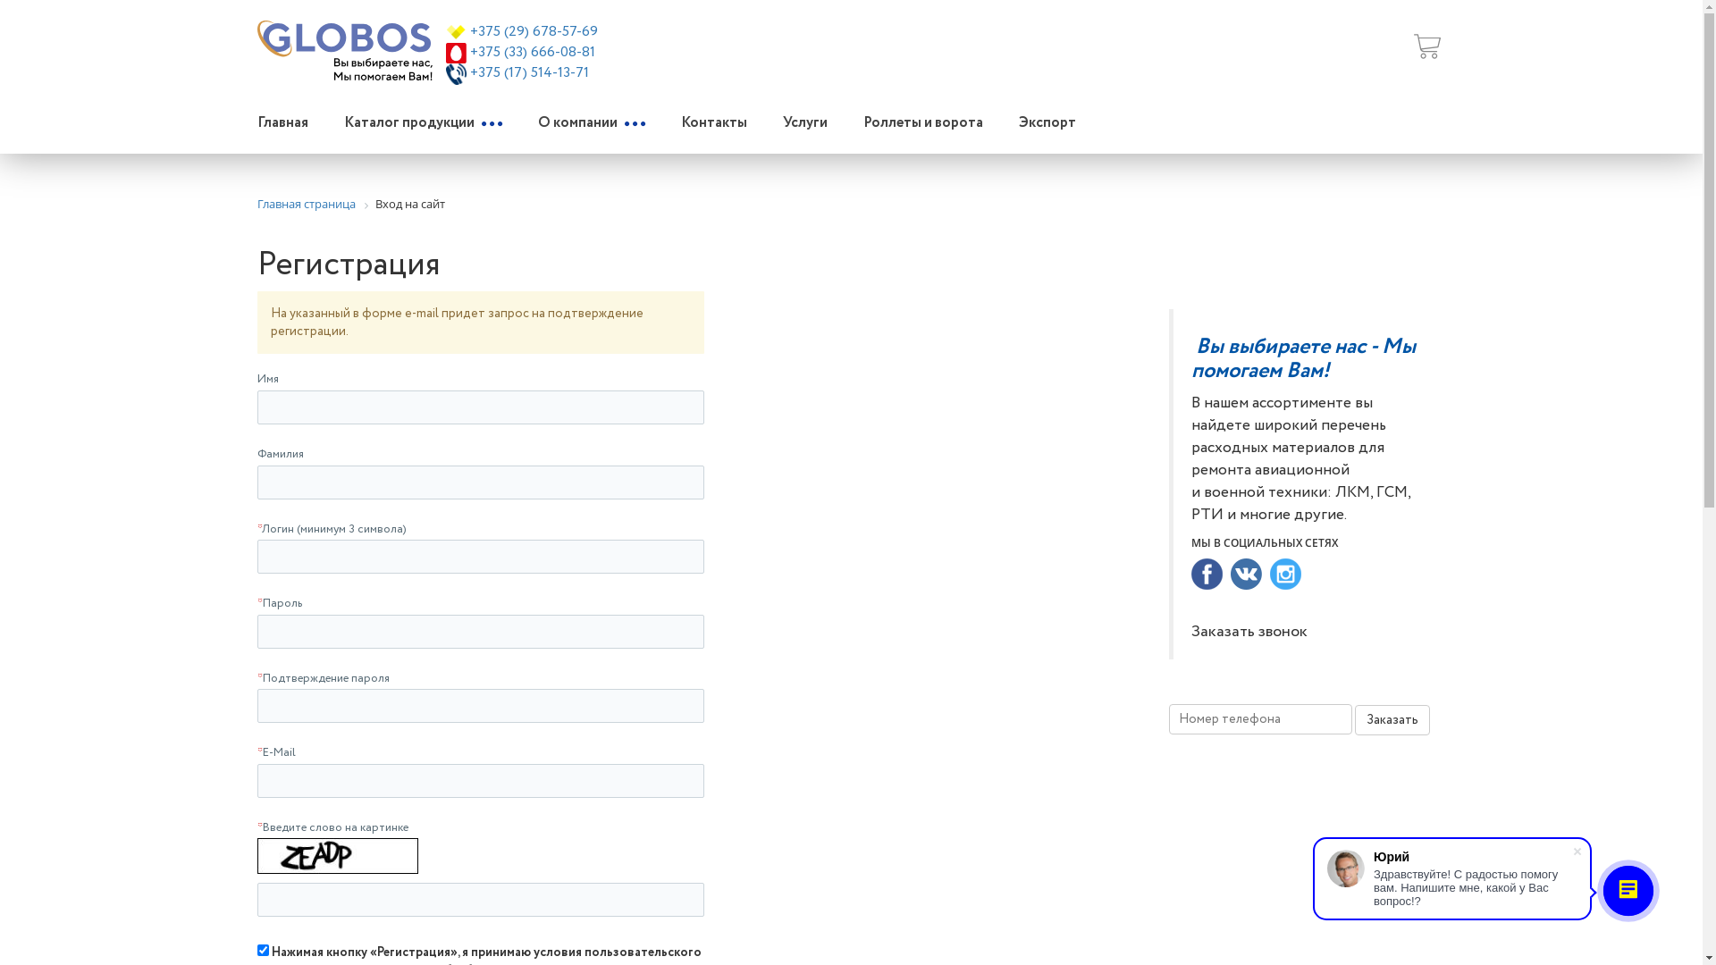 The height and width of the screenshot is (965, 1716). Describe the element at coordinates (456, 31) in the screenshot. I see `'velcom.png'` at that location.